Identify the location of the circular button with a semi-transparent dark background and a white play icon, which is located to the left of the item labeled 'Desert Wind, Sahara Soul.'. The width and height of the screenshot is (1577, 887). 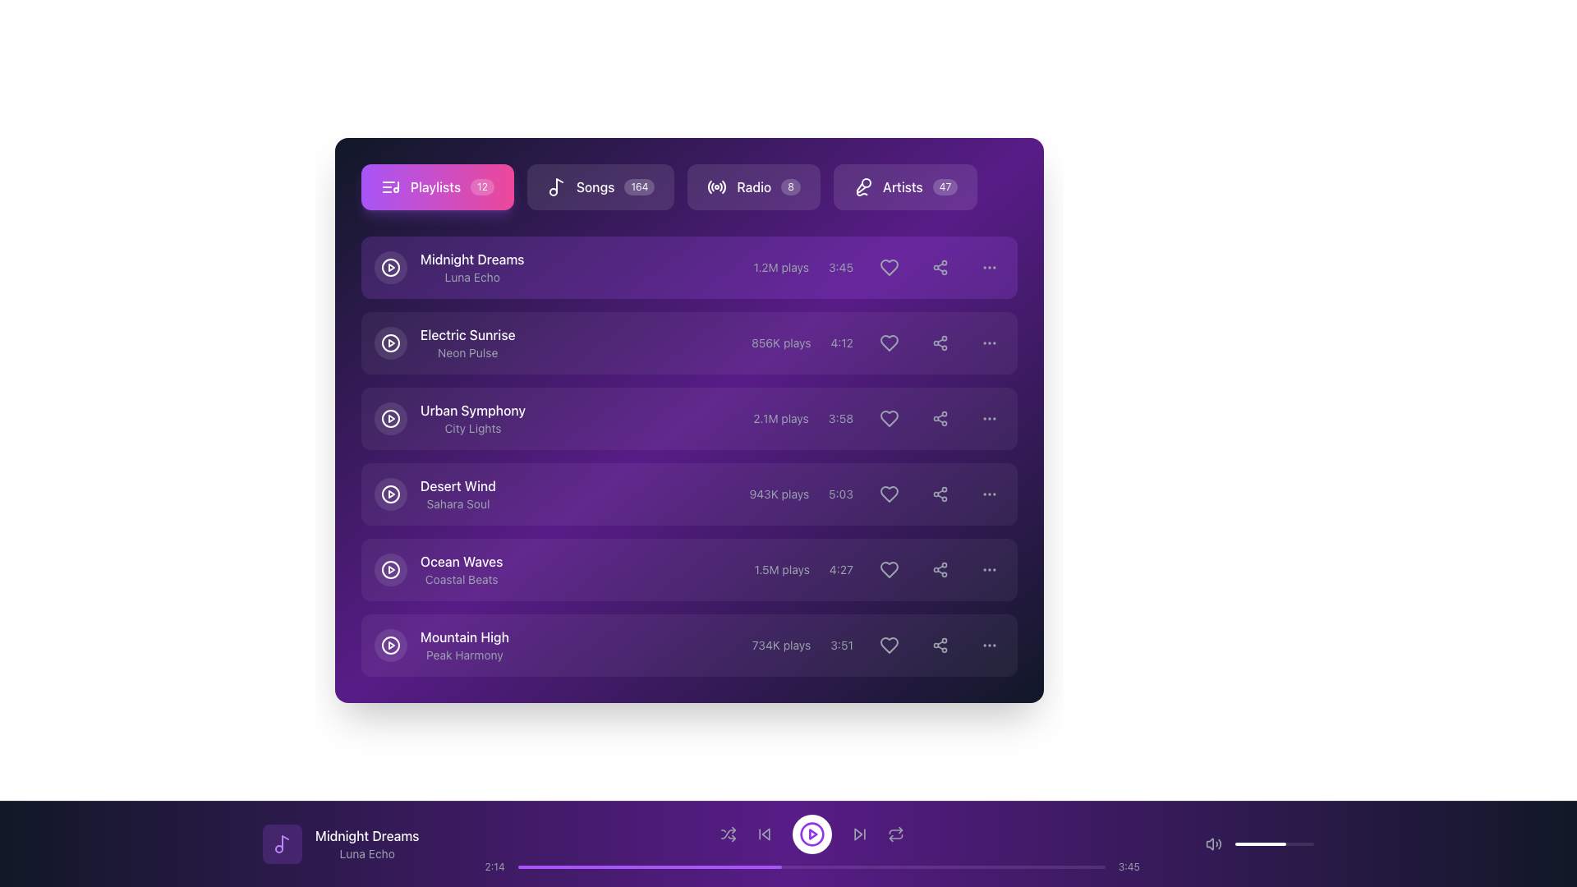
(389, 493).